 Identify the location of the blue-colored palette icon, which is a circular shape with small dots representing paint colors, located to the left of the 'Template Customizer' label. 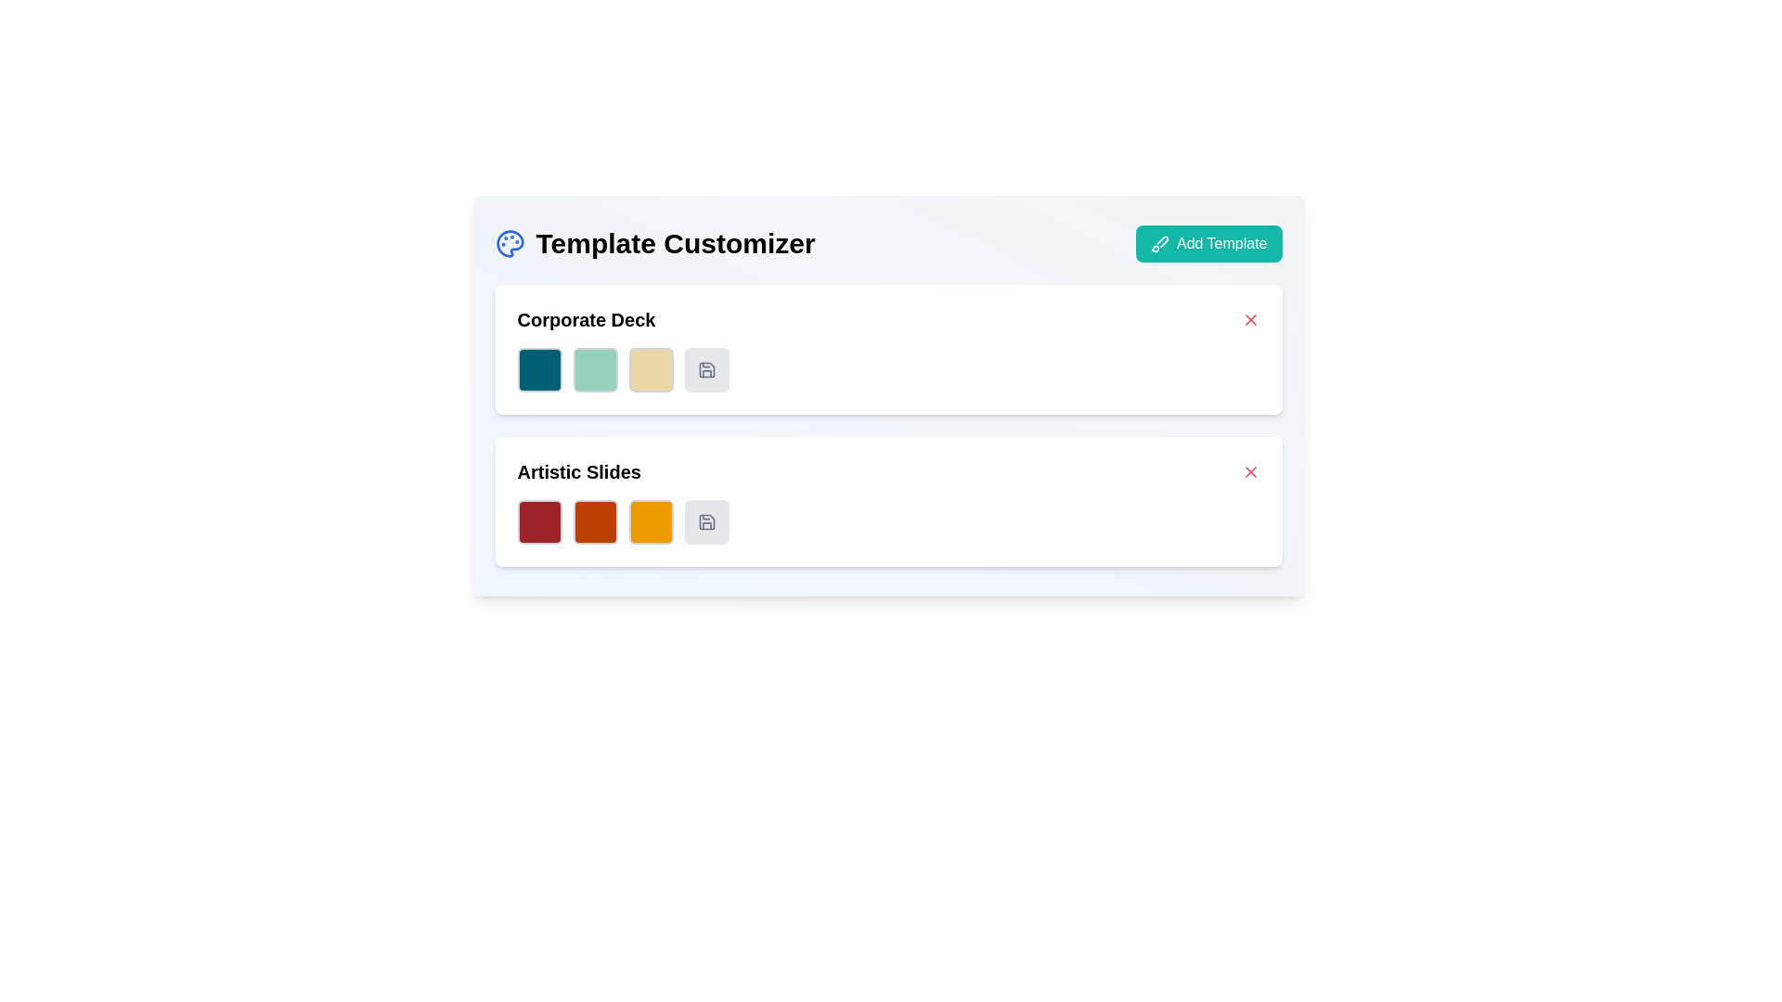
(510, 242).